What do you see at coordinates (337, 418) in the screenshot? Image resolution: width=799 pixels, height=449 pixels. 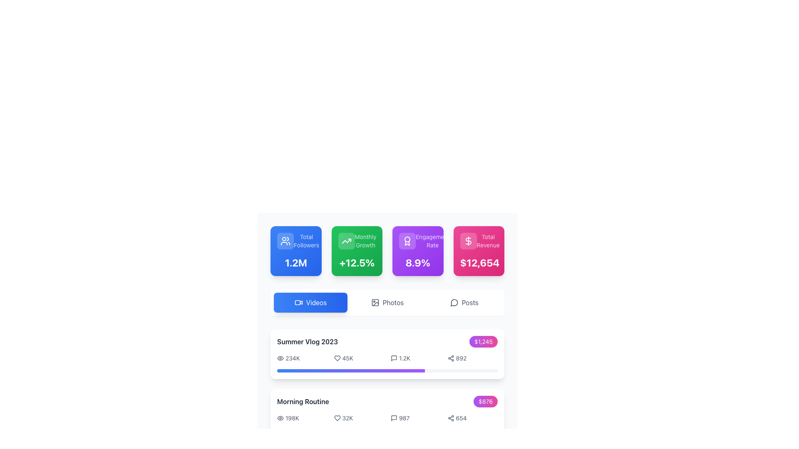 I see `the heart-shaped icon with a dark-grey outline located to the left of the numerical text '32K' in the 'Morning Routine' section to indicate a 'like' or 'favorite'` at bounding box center [337, 418].